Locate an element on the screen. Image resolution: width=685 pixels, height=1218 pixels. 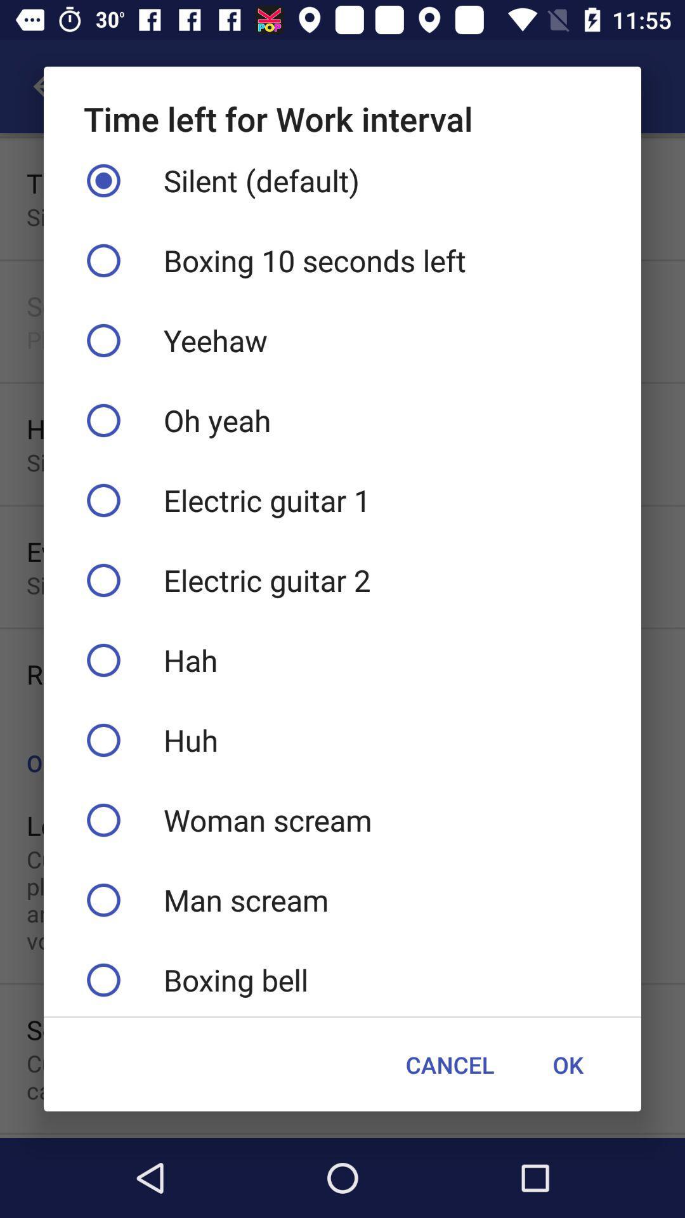
the item next to the cancel item is located at coordinates (567, 1064).